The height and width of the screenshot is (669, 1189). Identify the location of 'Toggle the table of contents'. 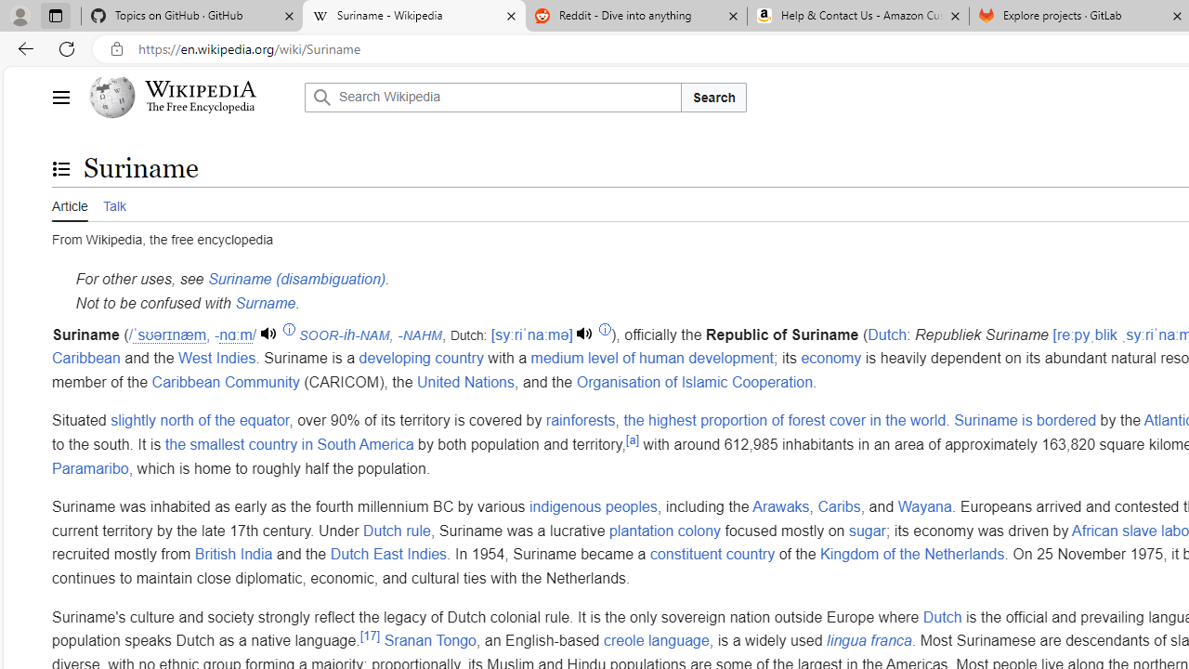
(60, 168).